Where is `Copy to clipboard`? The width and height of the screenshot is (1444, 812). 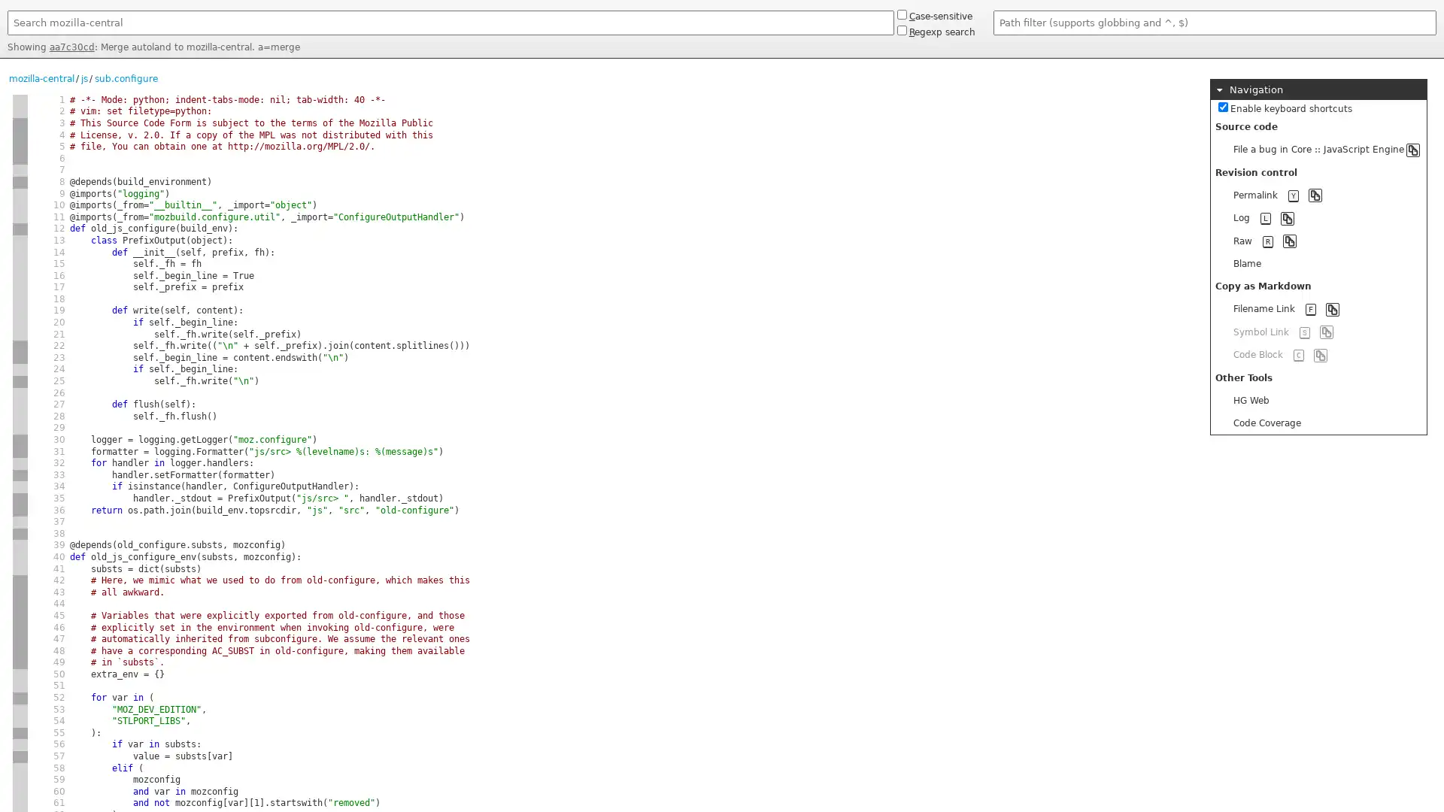 Copy to clipboard is located at coordinates (1287, 217).